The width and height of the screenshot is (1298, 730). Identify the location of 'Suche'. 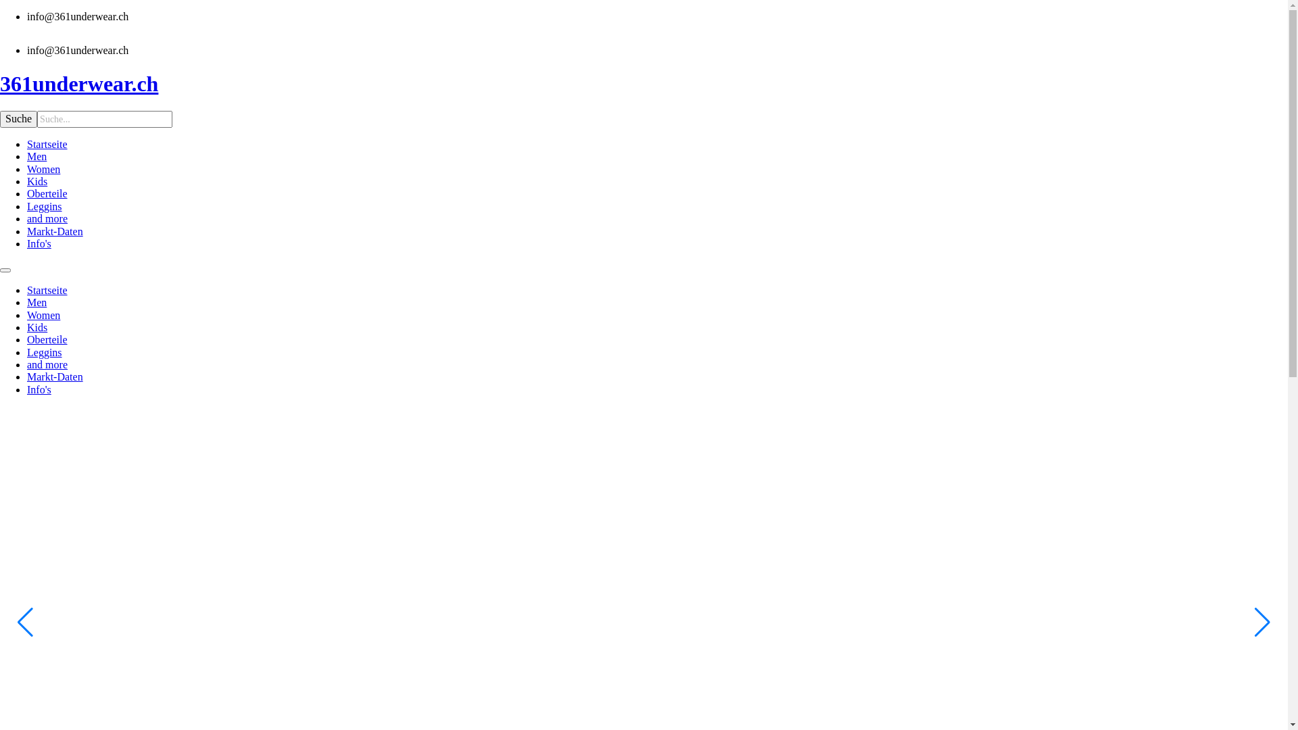
(18, 118).